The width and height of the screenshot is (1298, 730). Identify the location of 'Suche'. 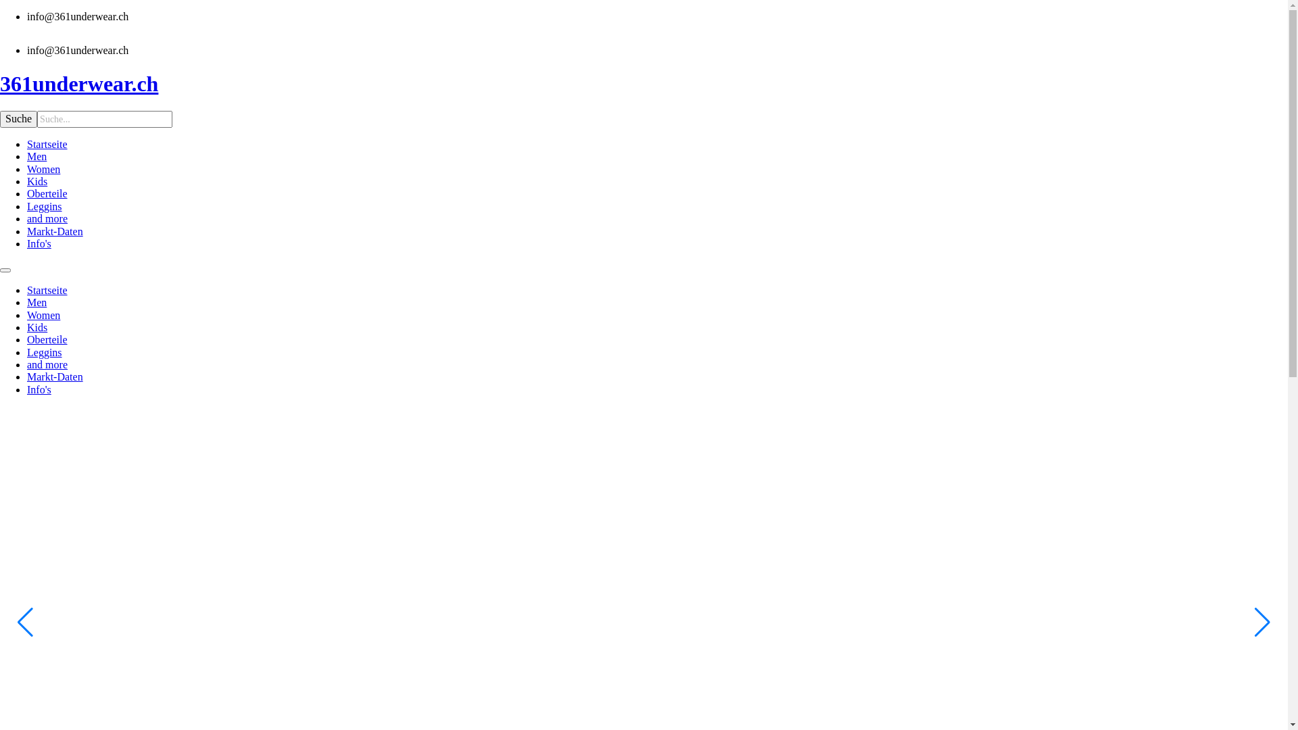
(18, 118).